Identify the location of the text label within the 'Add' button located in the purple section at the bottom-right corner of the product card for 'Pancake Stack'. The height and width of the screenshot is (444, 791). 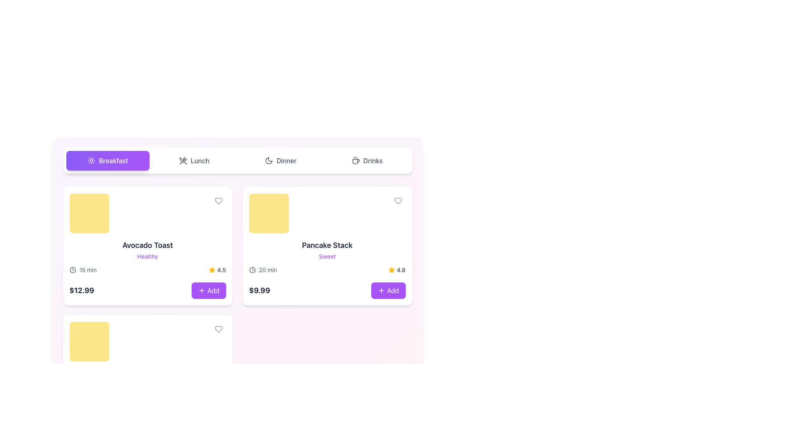
(393, 290).